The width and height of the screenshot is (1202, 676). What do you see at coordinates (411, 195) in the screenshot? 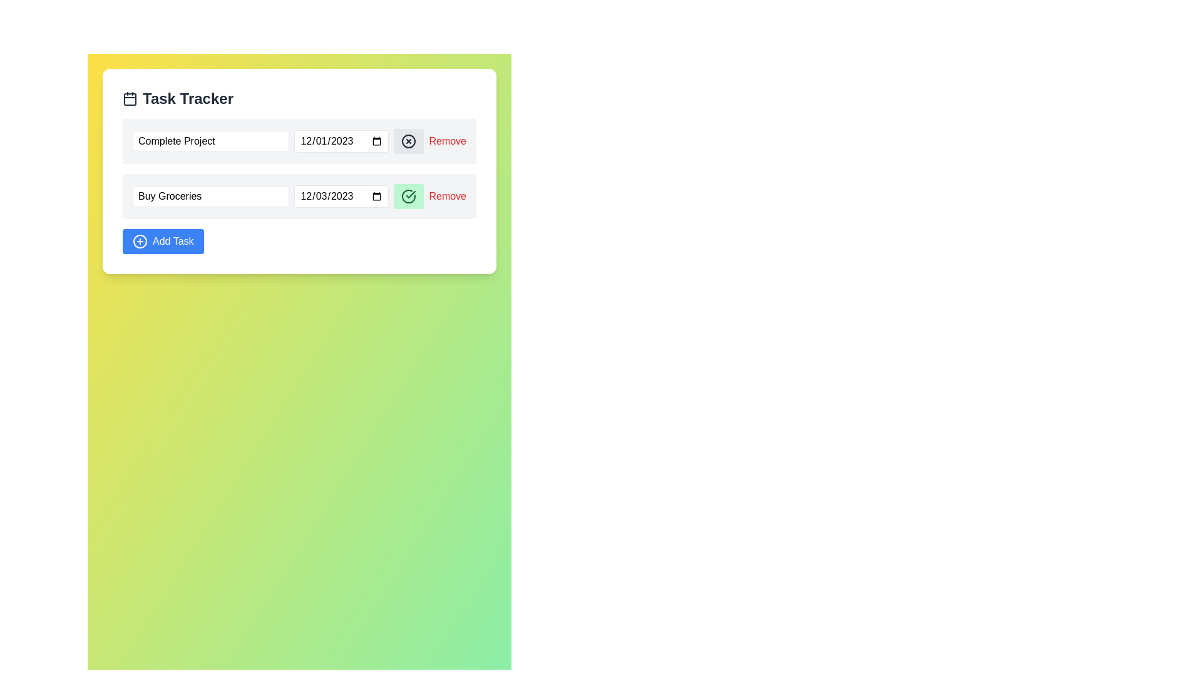
I see `the checkmark icon indicating the completion status of the task 'Buy Groceries', which is situated at the far right of its row in the task list` at bounding box center [411, 195].